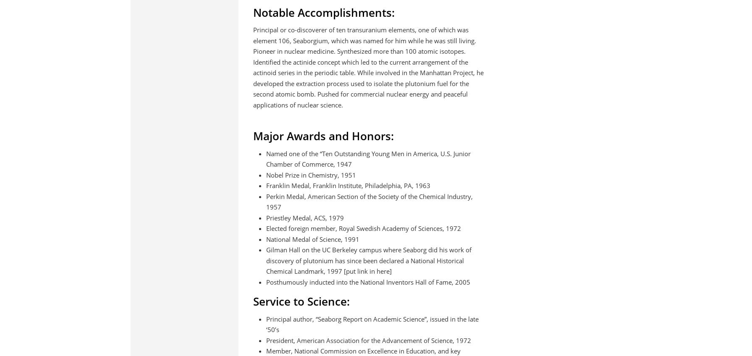  What do you see at coordinates (312, 238) in the screenshot?
I see `'National Medal of Science, 1991'` at bounding box center [312, 238].